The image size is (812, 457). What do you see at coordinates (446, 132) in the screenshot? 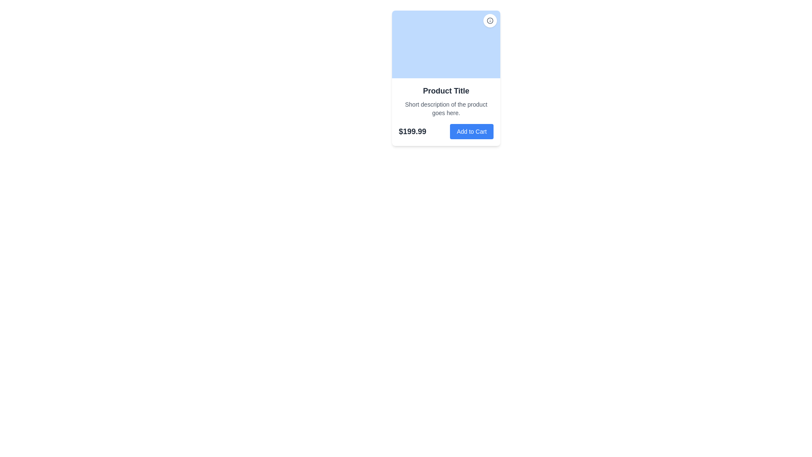
I see `the 'Add to Cart' button on the right side of the Composite element containing a price label '$199.99' and the button, located at the bottom of the card layout` at bounding box center [446, 132].